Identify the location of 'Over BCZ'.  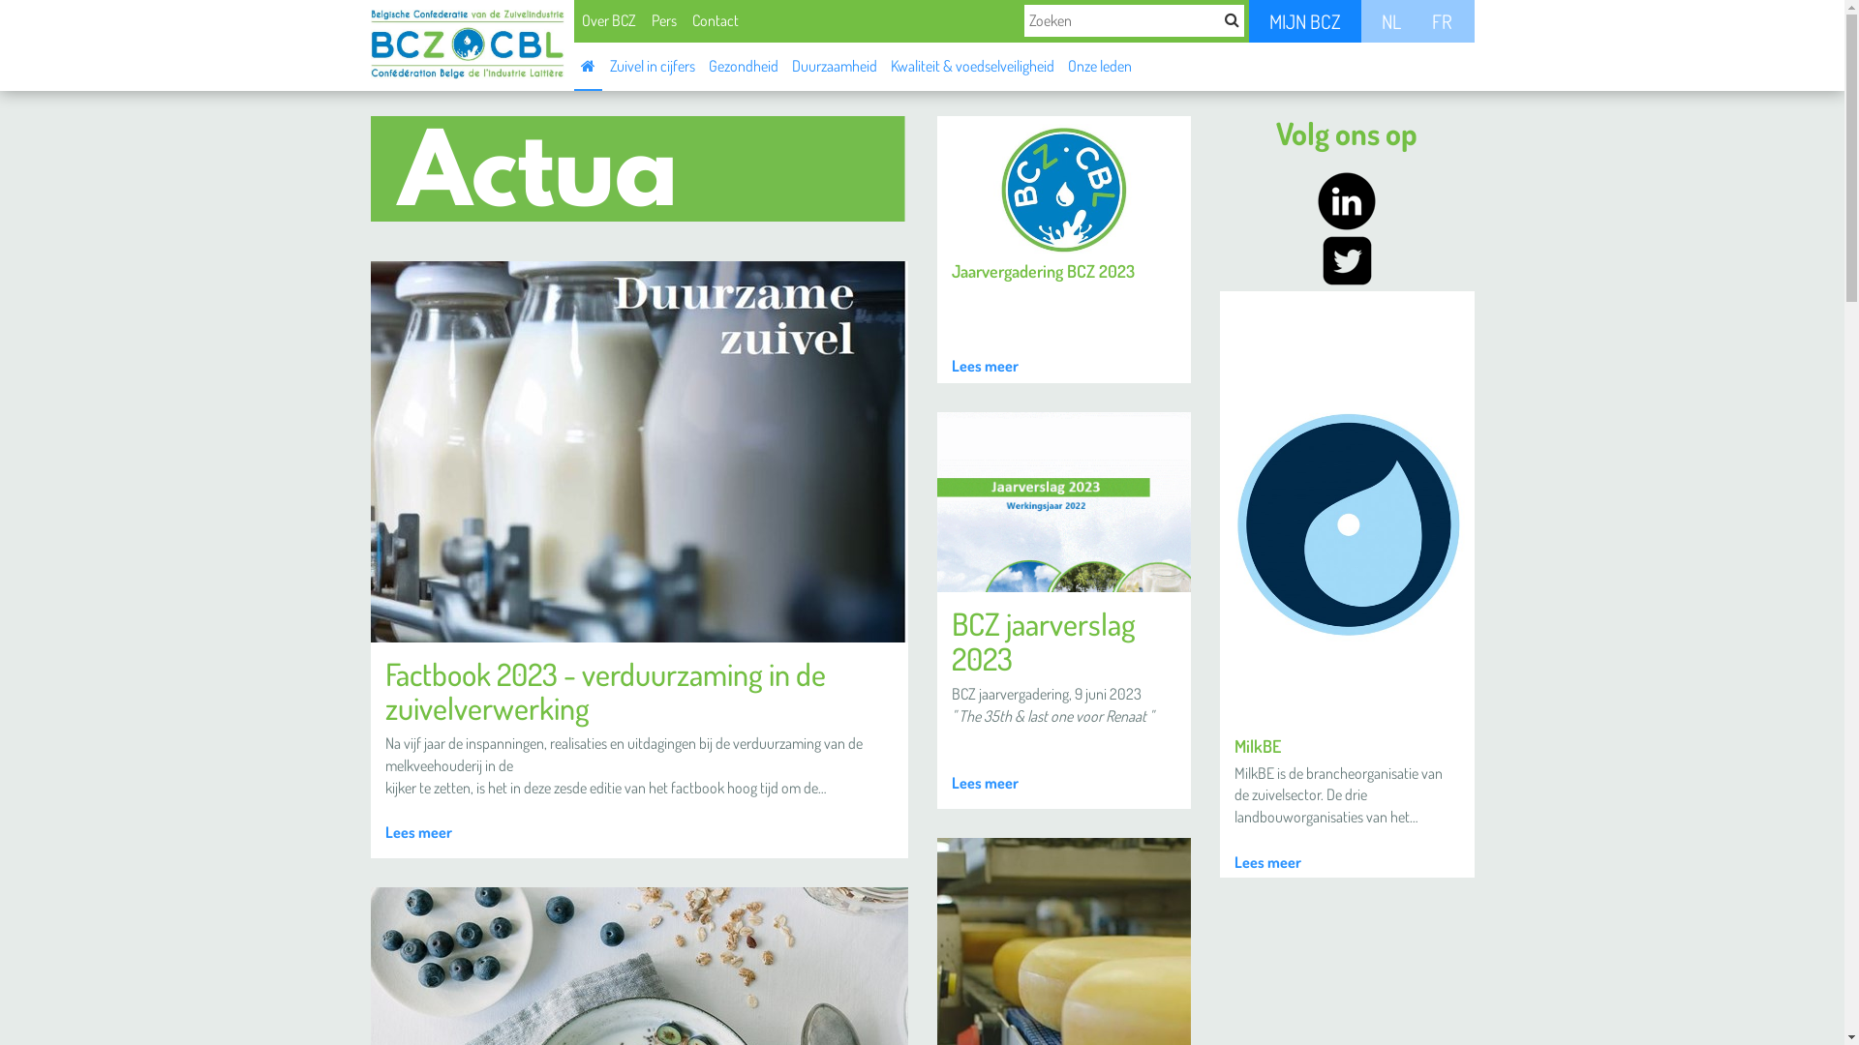
(607, 19).